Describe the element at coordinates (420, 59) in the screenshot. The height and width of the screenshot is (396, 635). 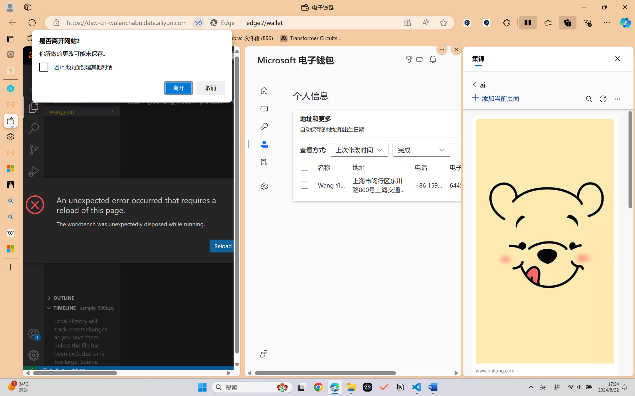
I see `'Class: ___1lmltc5 f1agt3bx f12qytpq'` at that location.